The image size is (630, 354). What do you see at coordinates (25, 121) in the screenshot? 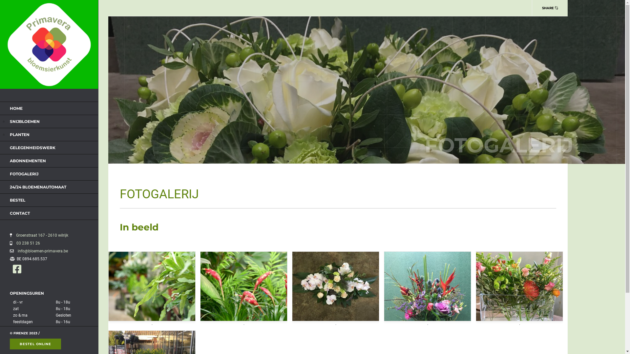
I see `'SNIJBLOEMEN'` at bounding box center [25, 121].